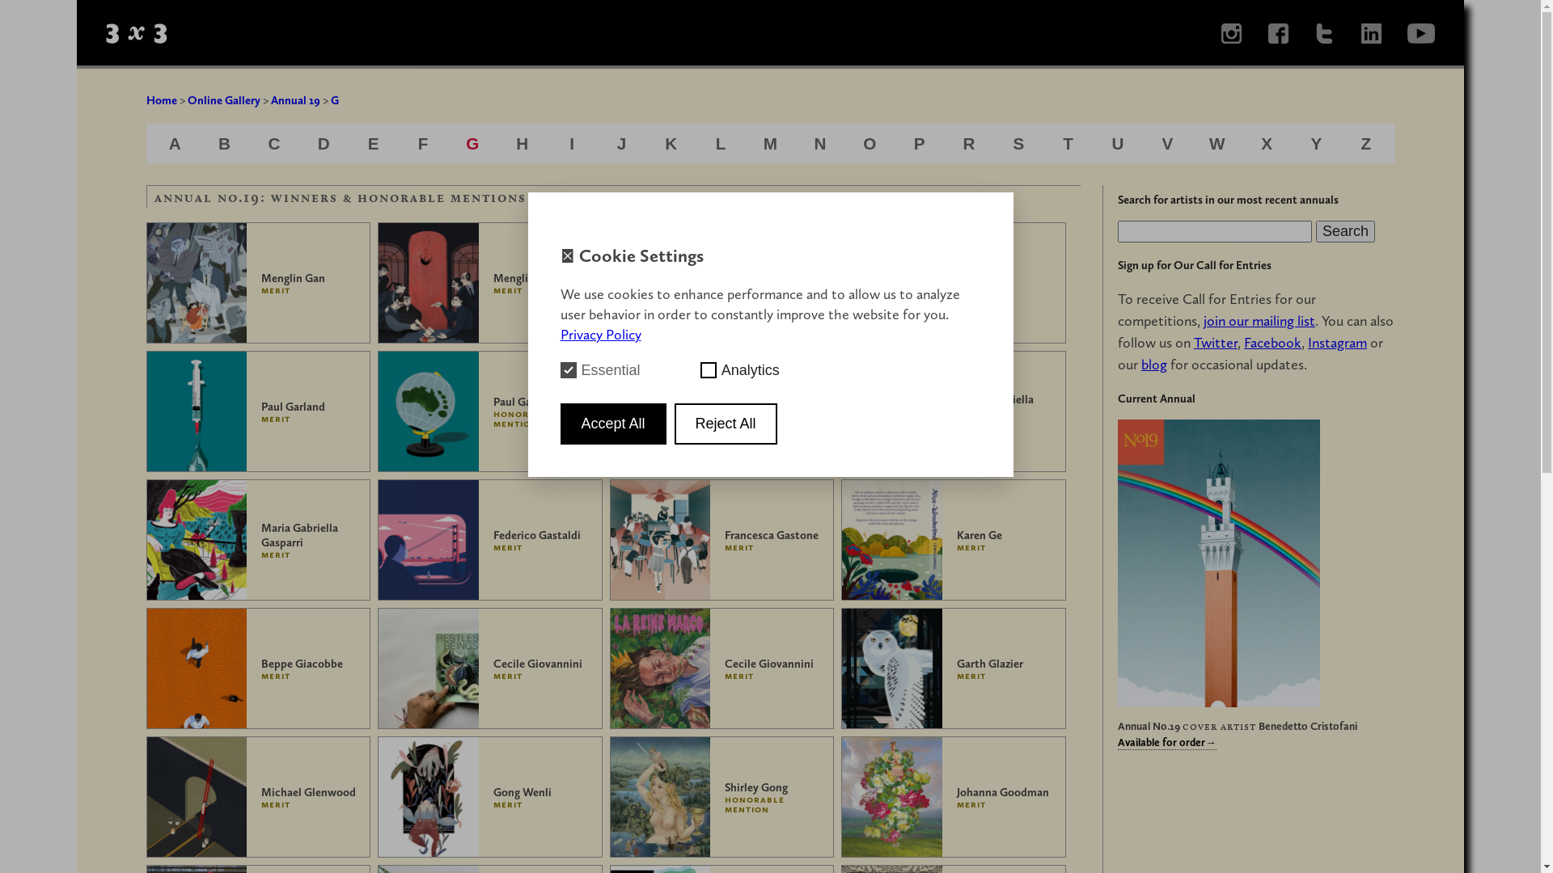 This screenshot has width=1553, height=873. What do you see at coordinates (611, 423) in the screenshot?
I see `'Accept All'` at bounding box center [611, 423].